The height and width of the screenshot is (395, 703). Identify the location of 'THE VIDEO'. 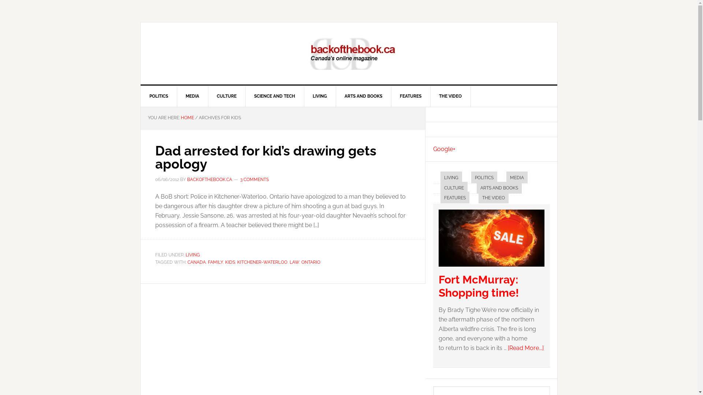
(430, 95).